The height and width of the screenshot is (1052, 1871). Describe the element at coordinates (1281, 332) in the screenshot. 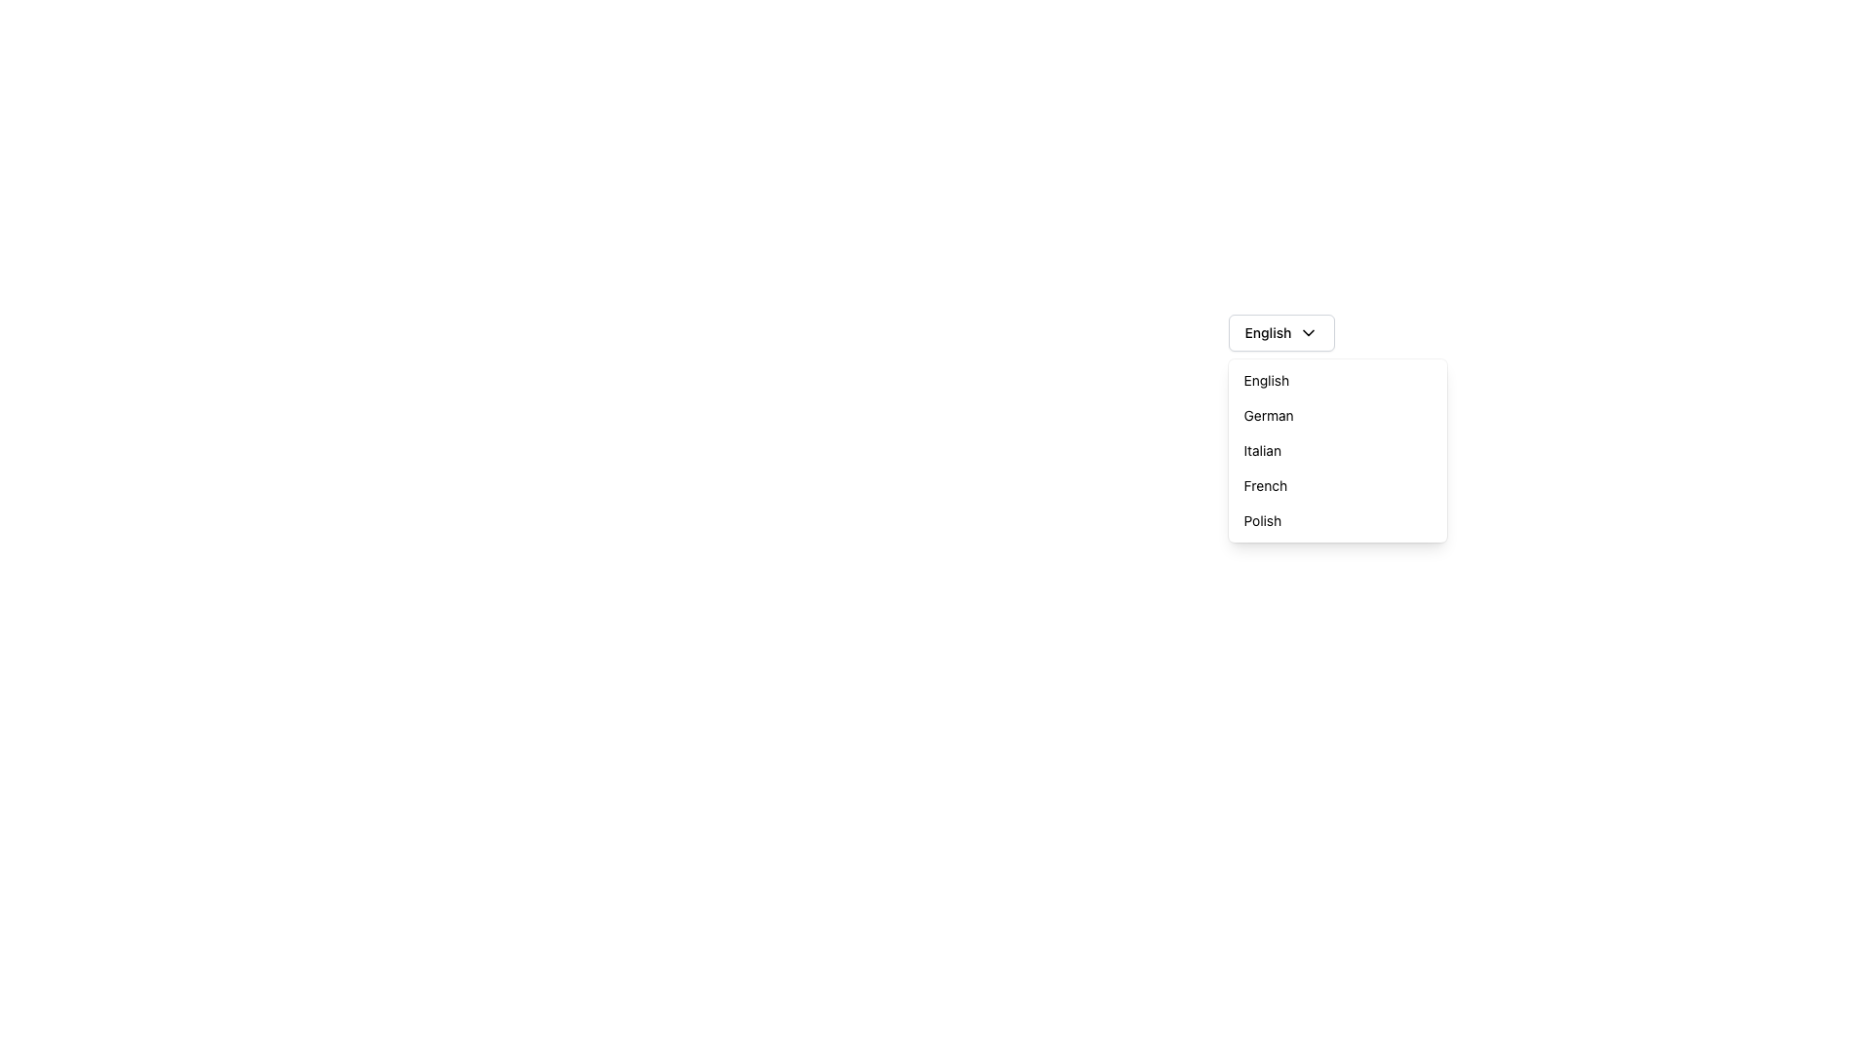

I see `the dropdown menu labeled 'English' with a downward-facing arrow located in the top-right region of the modal` at that location.